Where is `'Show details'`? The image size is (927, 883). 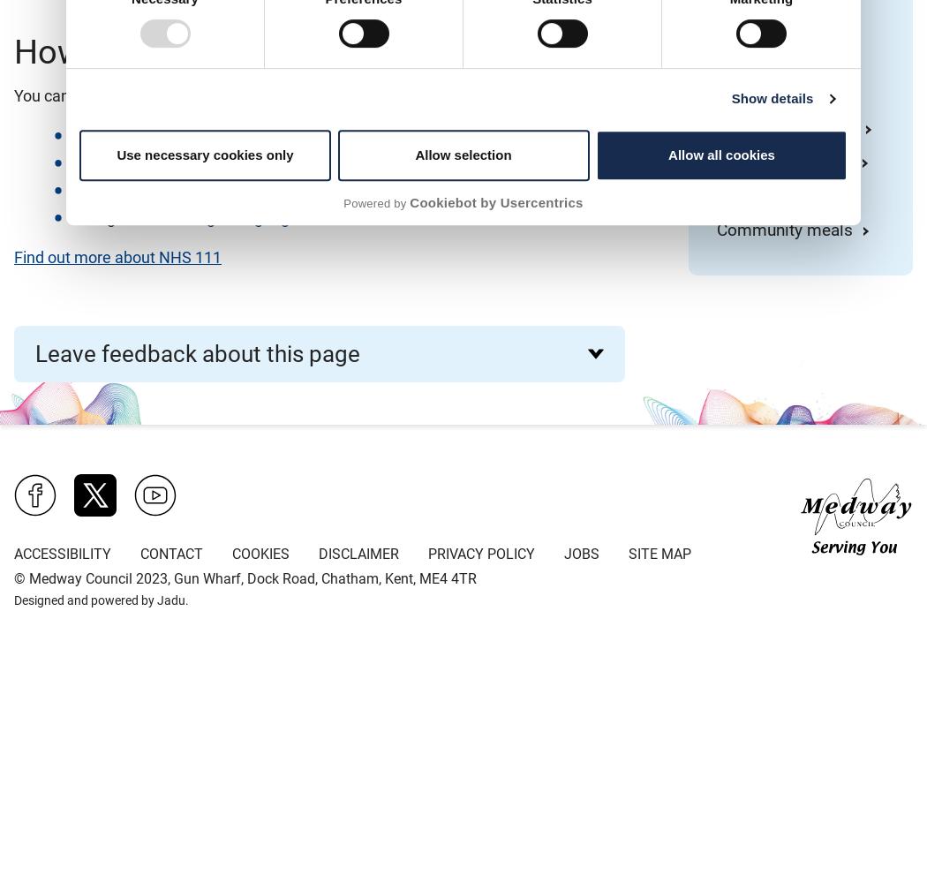
'Show details' is located at coordinates (731, 97).